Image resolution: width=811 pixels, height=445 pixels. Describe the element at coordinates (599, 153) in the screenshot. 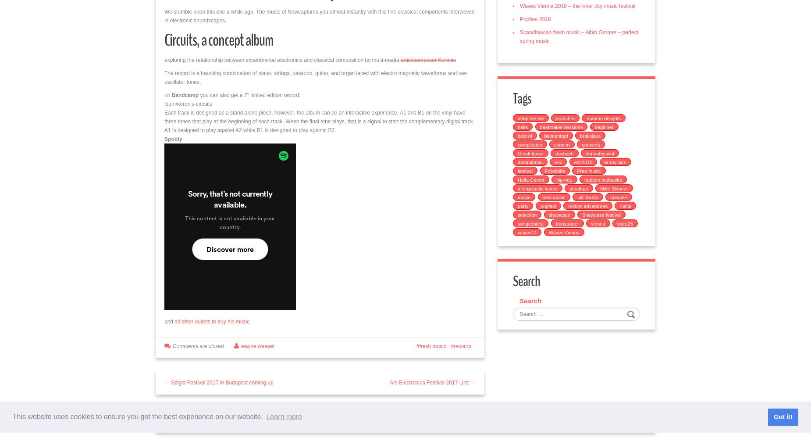

I see `'donaufestival'` at that location.